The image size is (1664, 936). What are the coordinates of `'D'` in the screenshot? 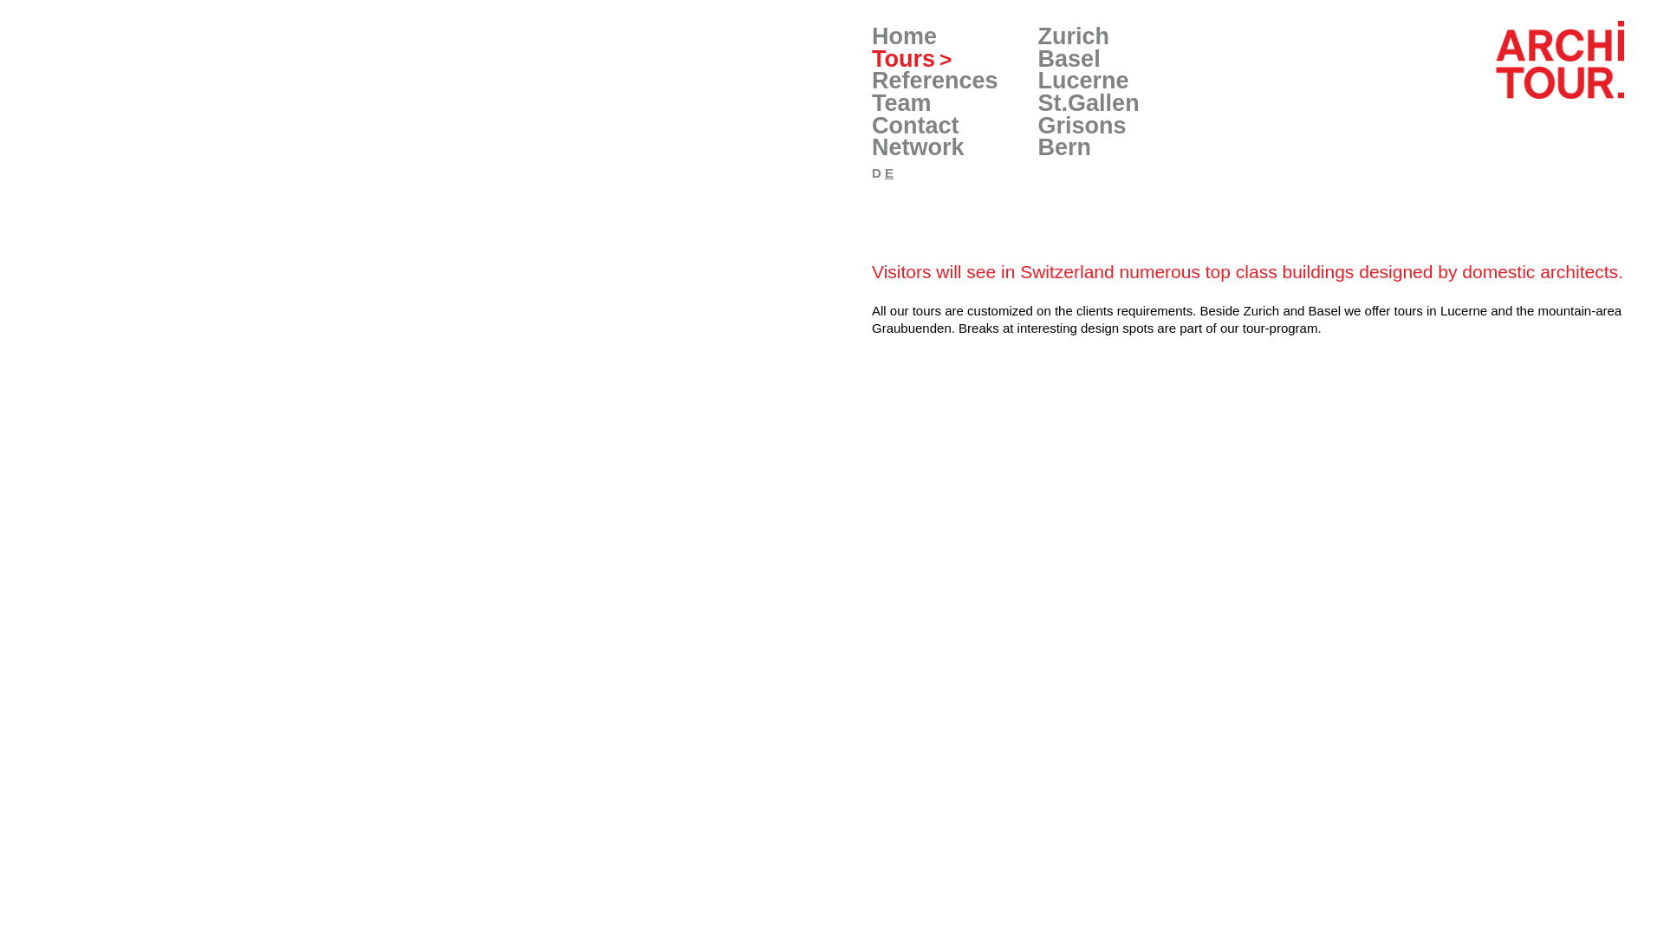 It's located at (876, 172).